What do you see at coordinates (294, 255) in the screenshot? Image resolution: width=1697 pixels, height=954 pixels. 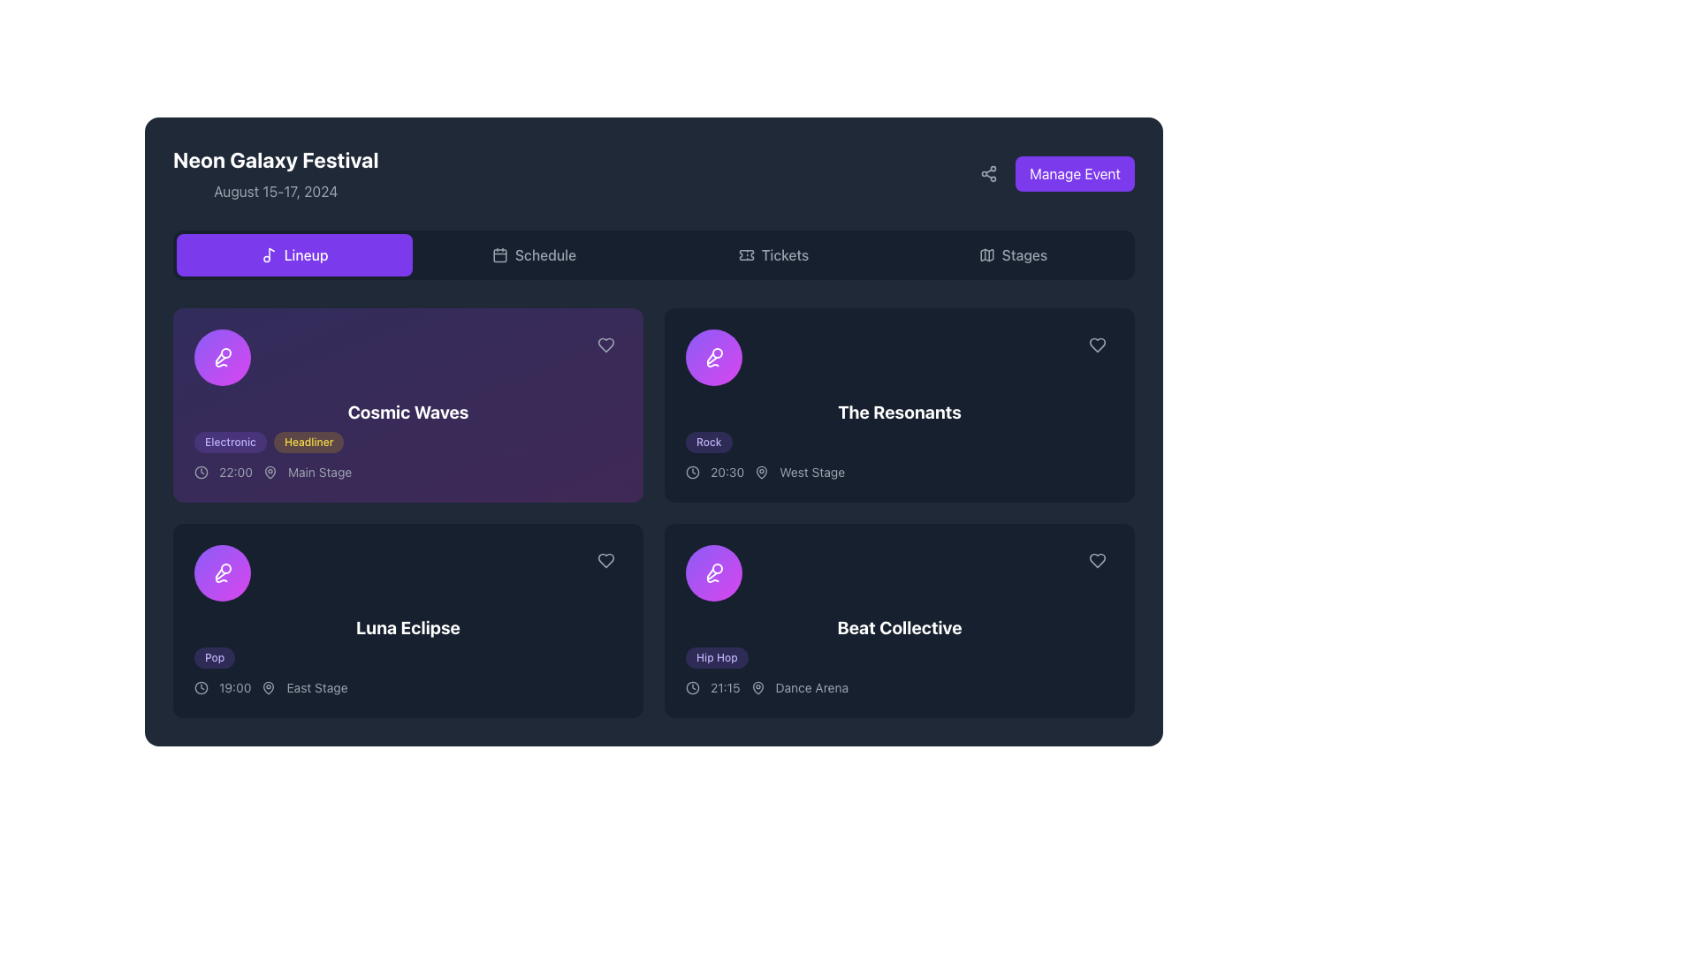 I see `the 'Lineup' navigational button, which is the first button in a group of four buttons at the top of the interface` at bounding box center [294, 255].